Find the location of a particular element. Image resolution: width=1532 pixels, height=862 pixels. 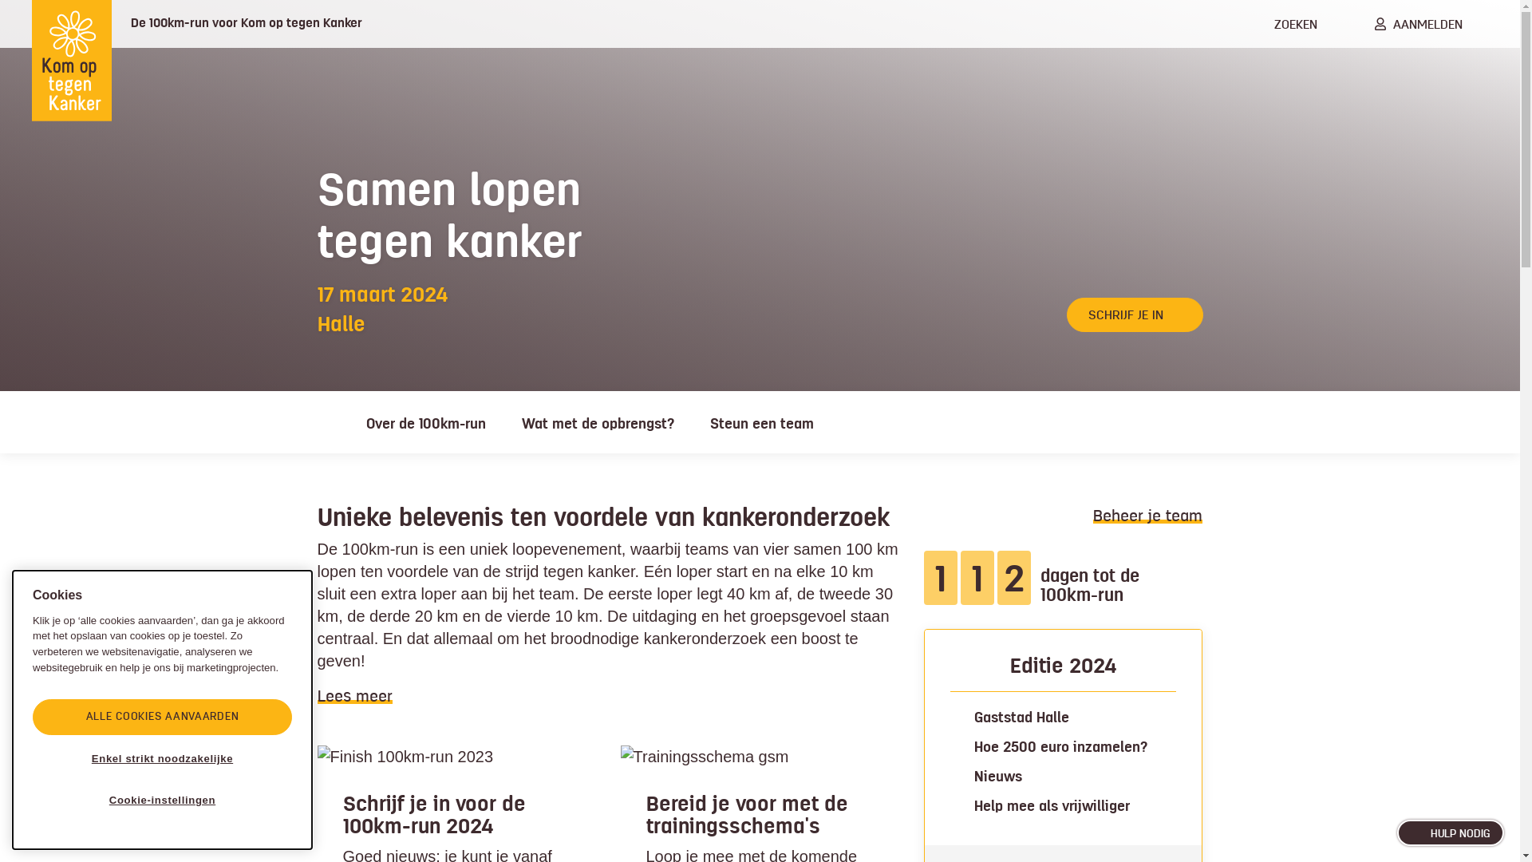

'Hoe 2500 euro inzamelen?' is located at coordinates (1060, 747).